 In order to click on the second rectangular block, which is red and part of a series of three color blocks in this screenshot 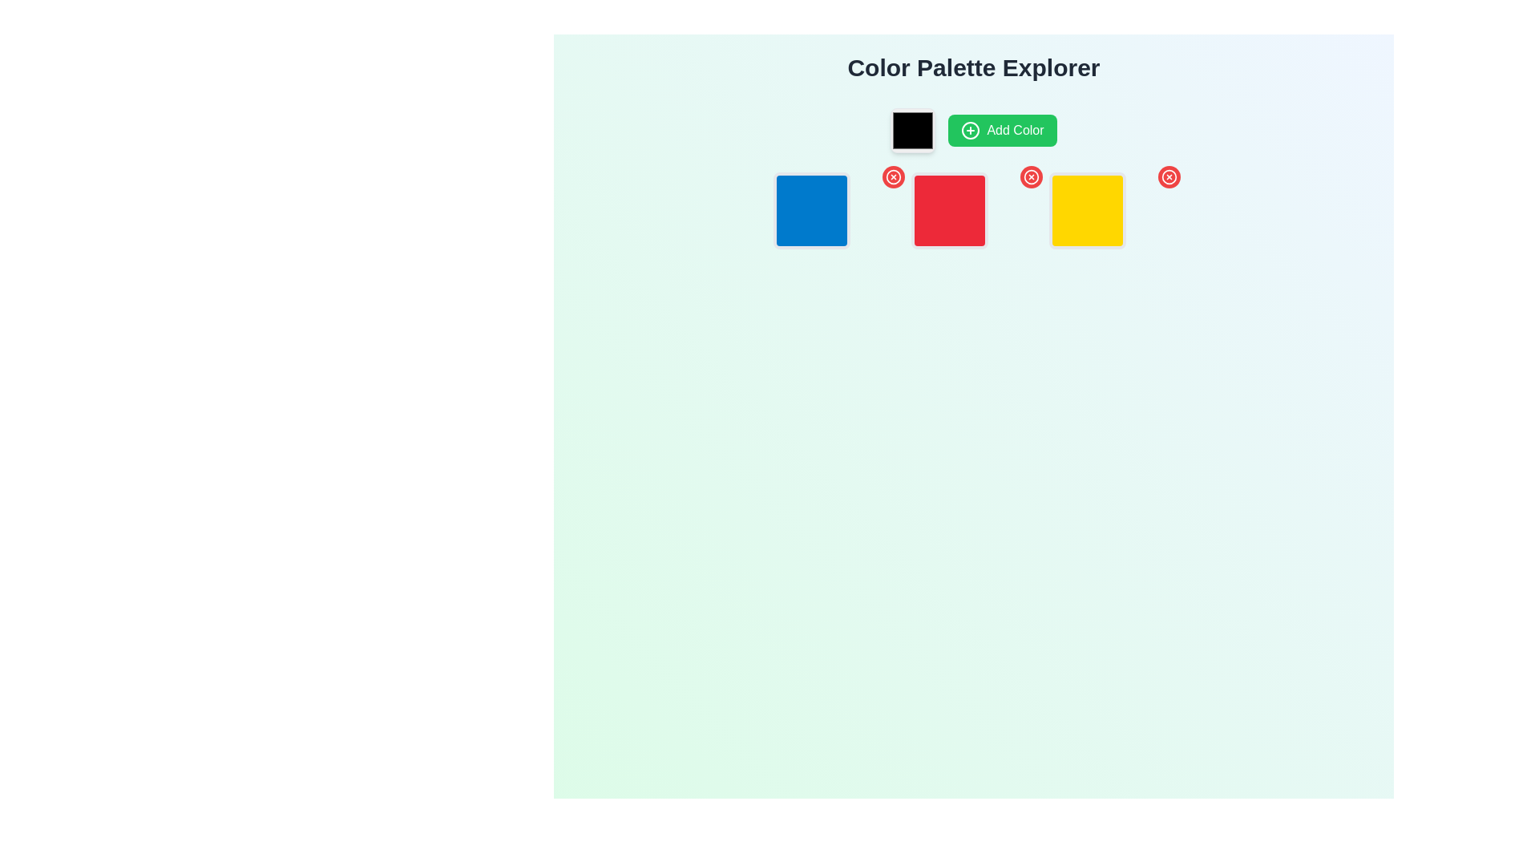, I will do `click(972, 209)`.